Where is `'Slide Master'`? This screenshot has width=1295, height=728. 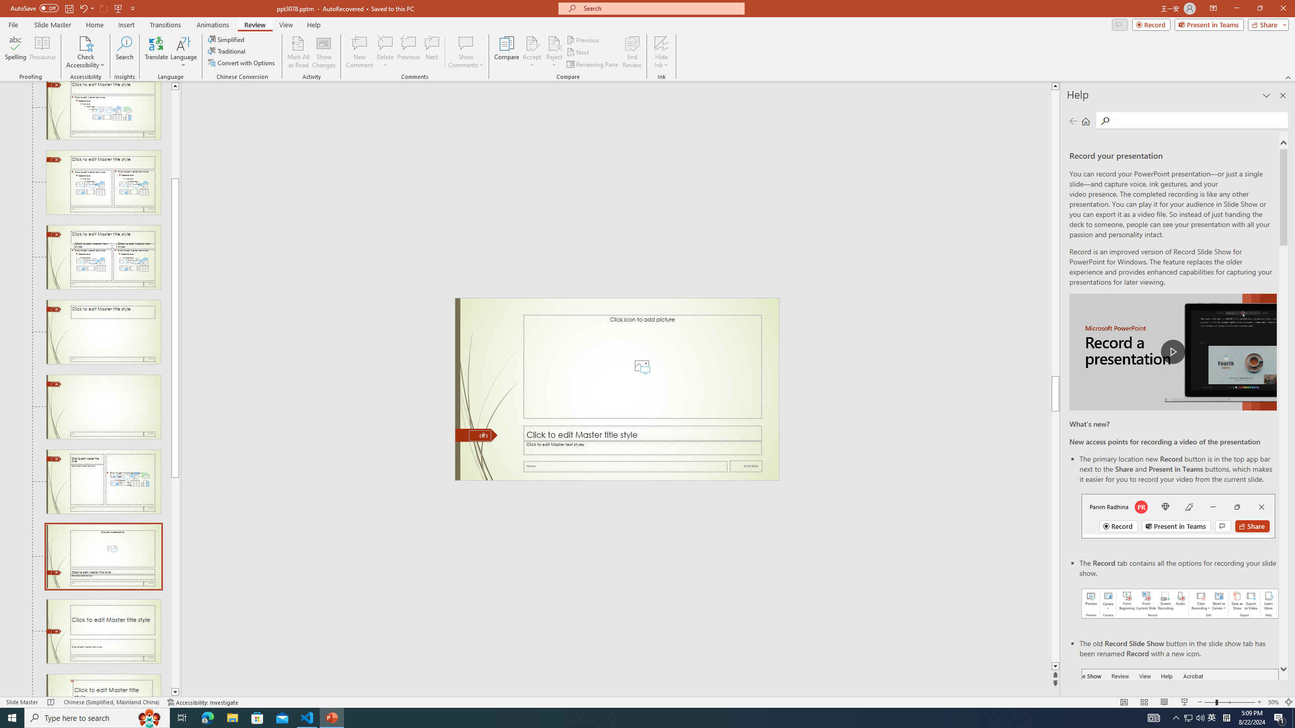
'Slide Master' is located at coordinates (52, 25).